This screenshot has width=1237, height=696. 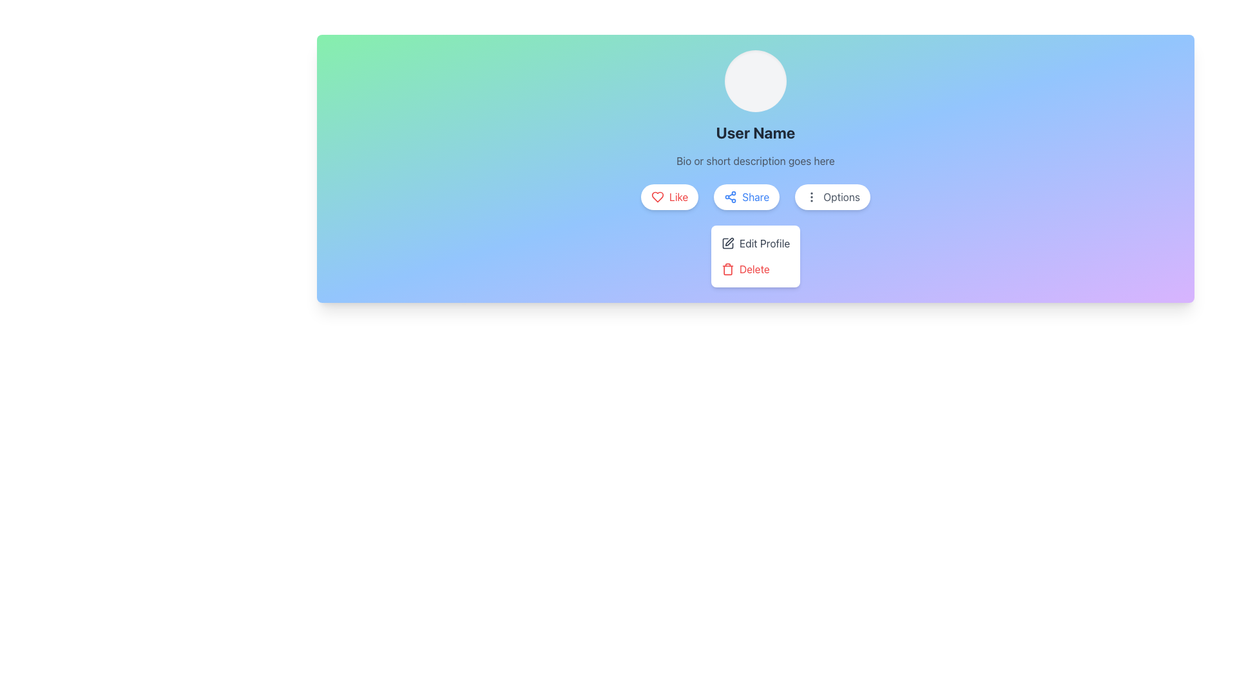 I want to click on the 'Edit Profile' icon located to the left of the 'Edit Profile' button in the user information section, so click(x=727, y=244).